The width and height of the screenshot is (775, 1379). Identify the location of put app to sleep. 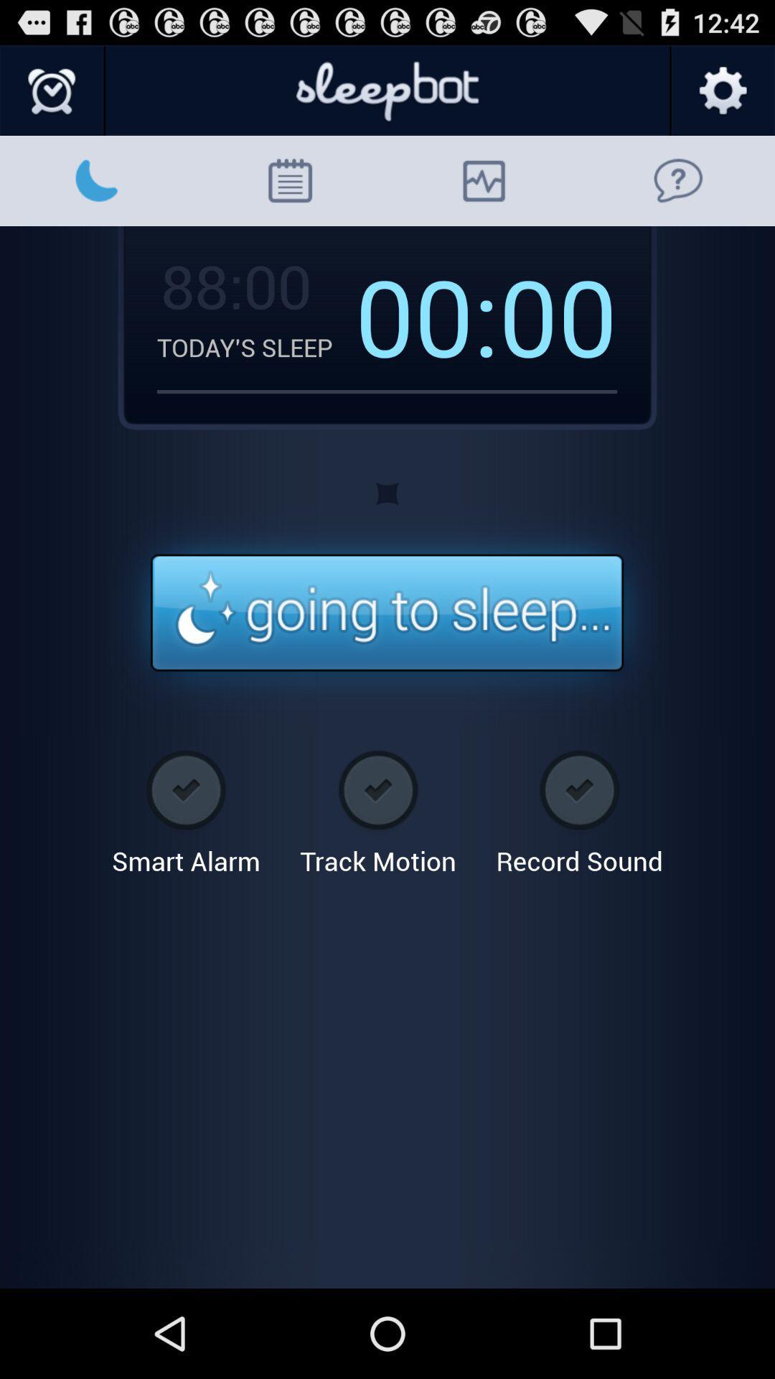
(386, 613).